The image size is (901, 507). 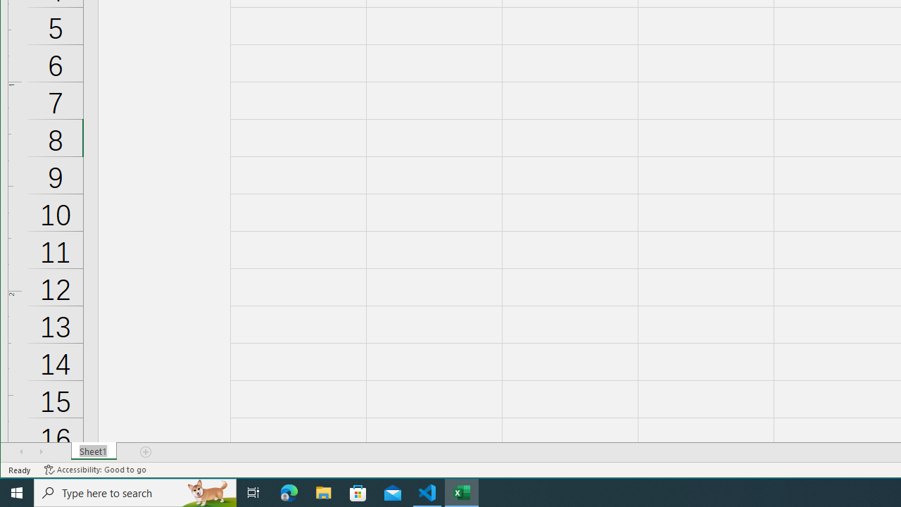 What do you see at coordinates (253, 492) in the screenshot?
I see `'Task View'` at bounding box center [253, 492].